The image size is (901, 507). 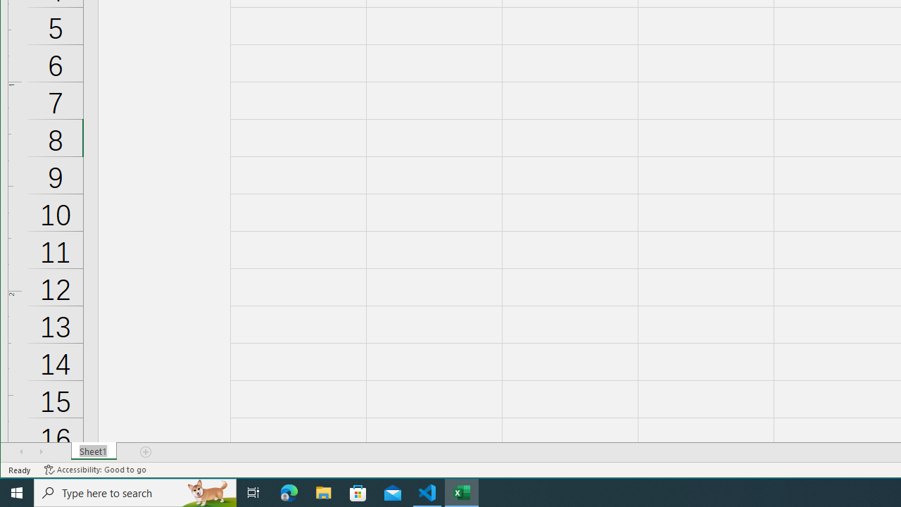 What do you see at coordinates (253, 492) in the screenshot?
I see `'Task View'` at bounding box center [253, 492].